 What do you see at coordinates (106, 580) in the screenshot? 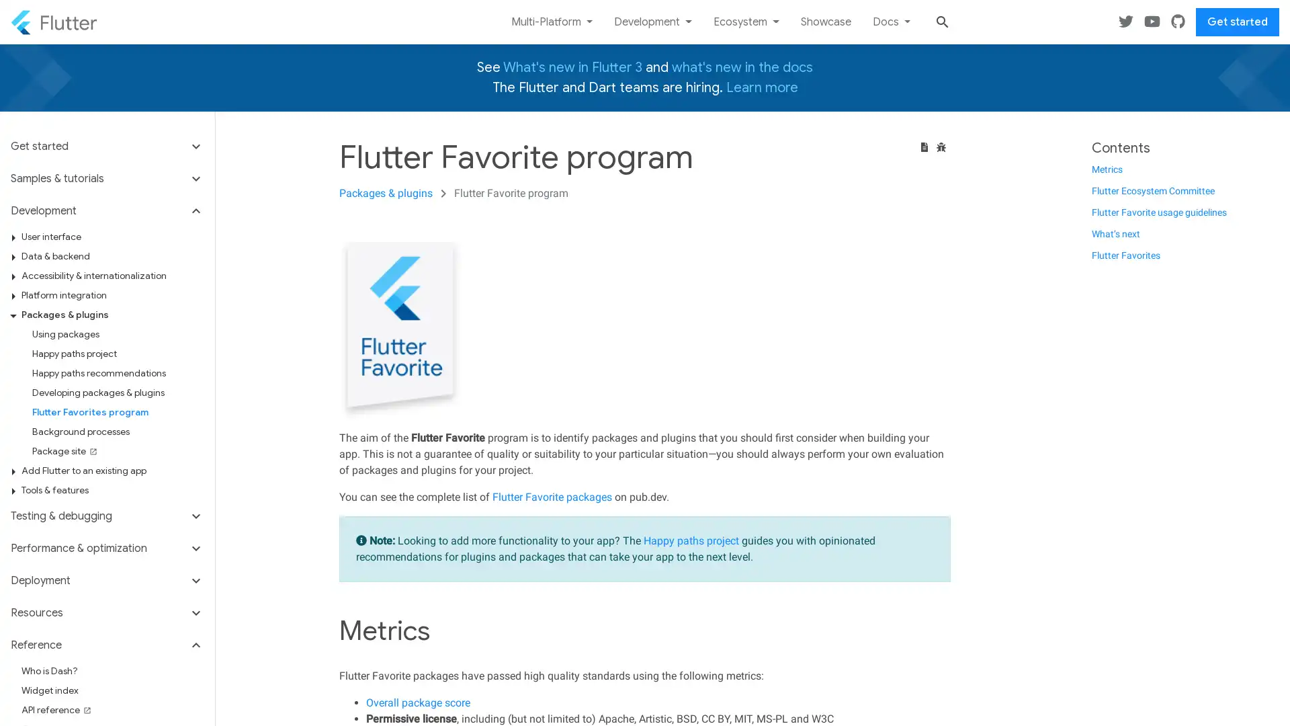
I see `Deployment keyboard_arrow_down` at bounding box center [106, 580].